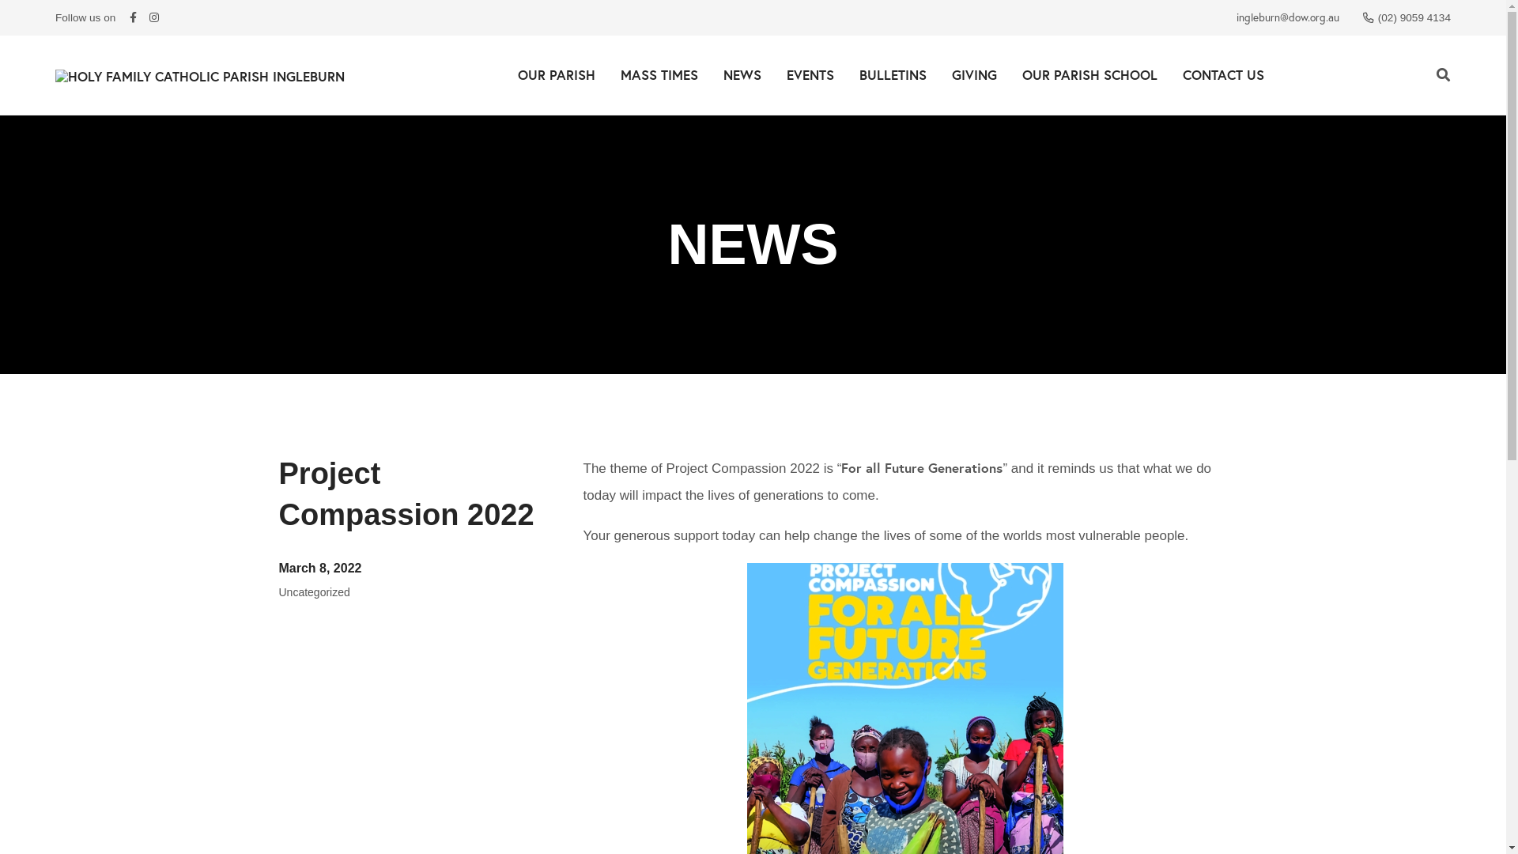 The width and height of the screenshot is (1518, 854). Describe the element at coordinates (659, 74) in the screenshot. I see `'MASS TIMES'` at that location.